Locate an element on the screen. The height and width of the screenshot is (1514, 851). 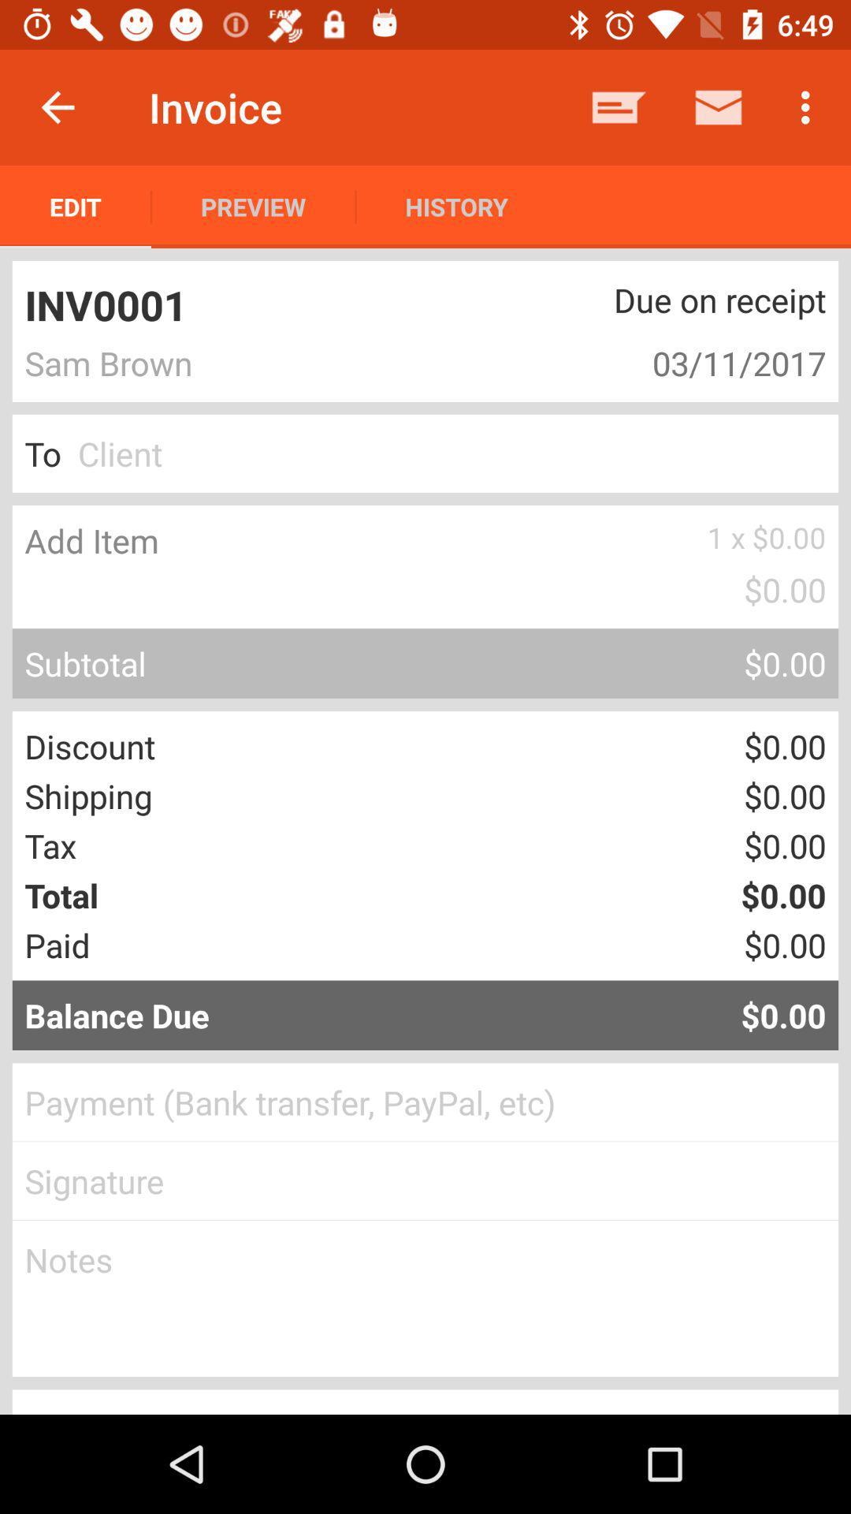
the item to the right of preview icon is located at coordinates (456, 206).